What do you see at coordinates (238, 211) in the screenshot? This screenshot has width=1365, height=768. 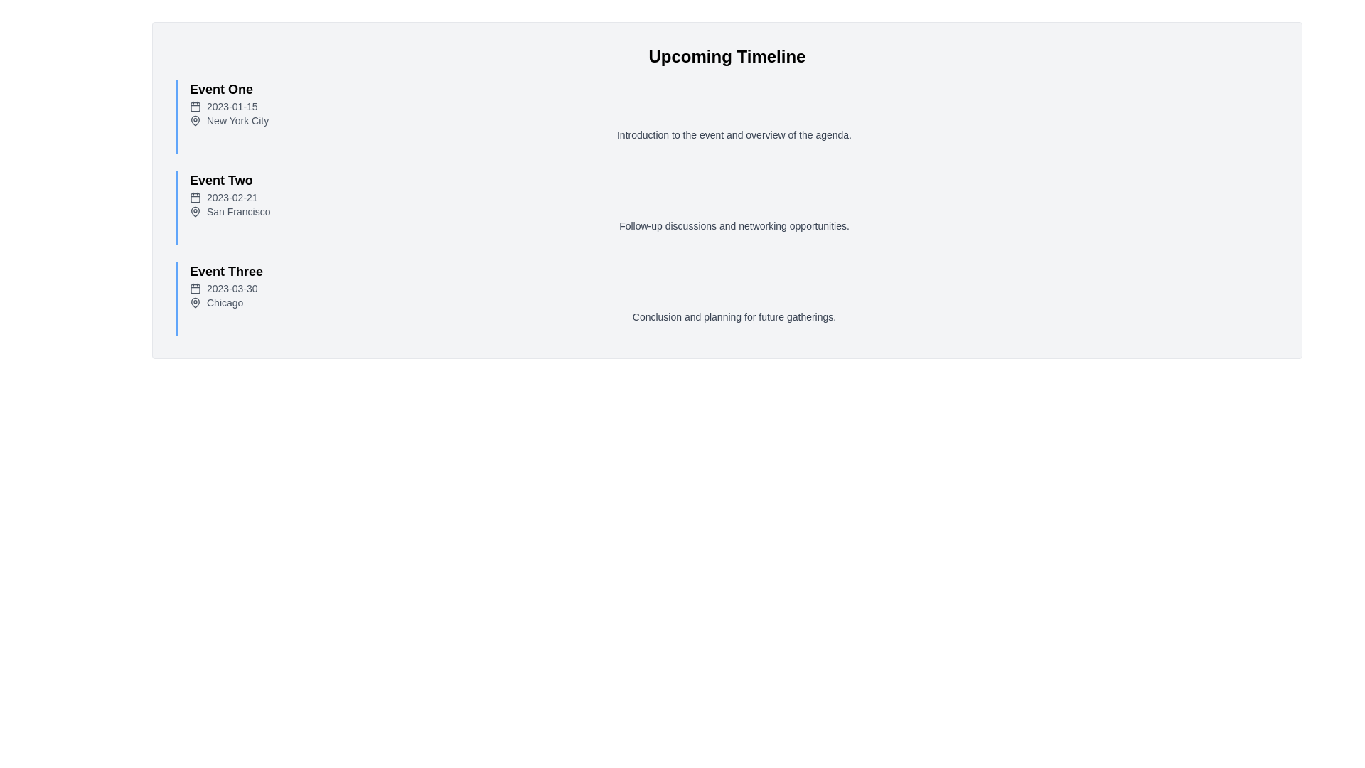 I see `the text label displaying 'San Francisco' in light gray color, located below the date in the 'Event Two' section of the timeline` at bounding box center [238, 211].